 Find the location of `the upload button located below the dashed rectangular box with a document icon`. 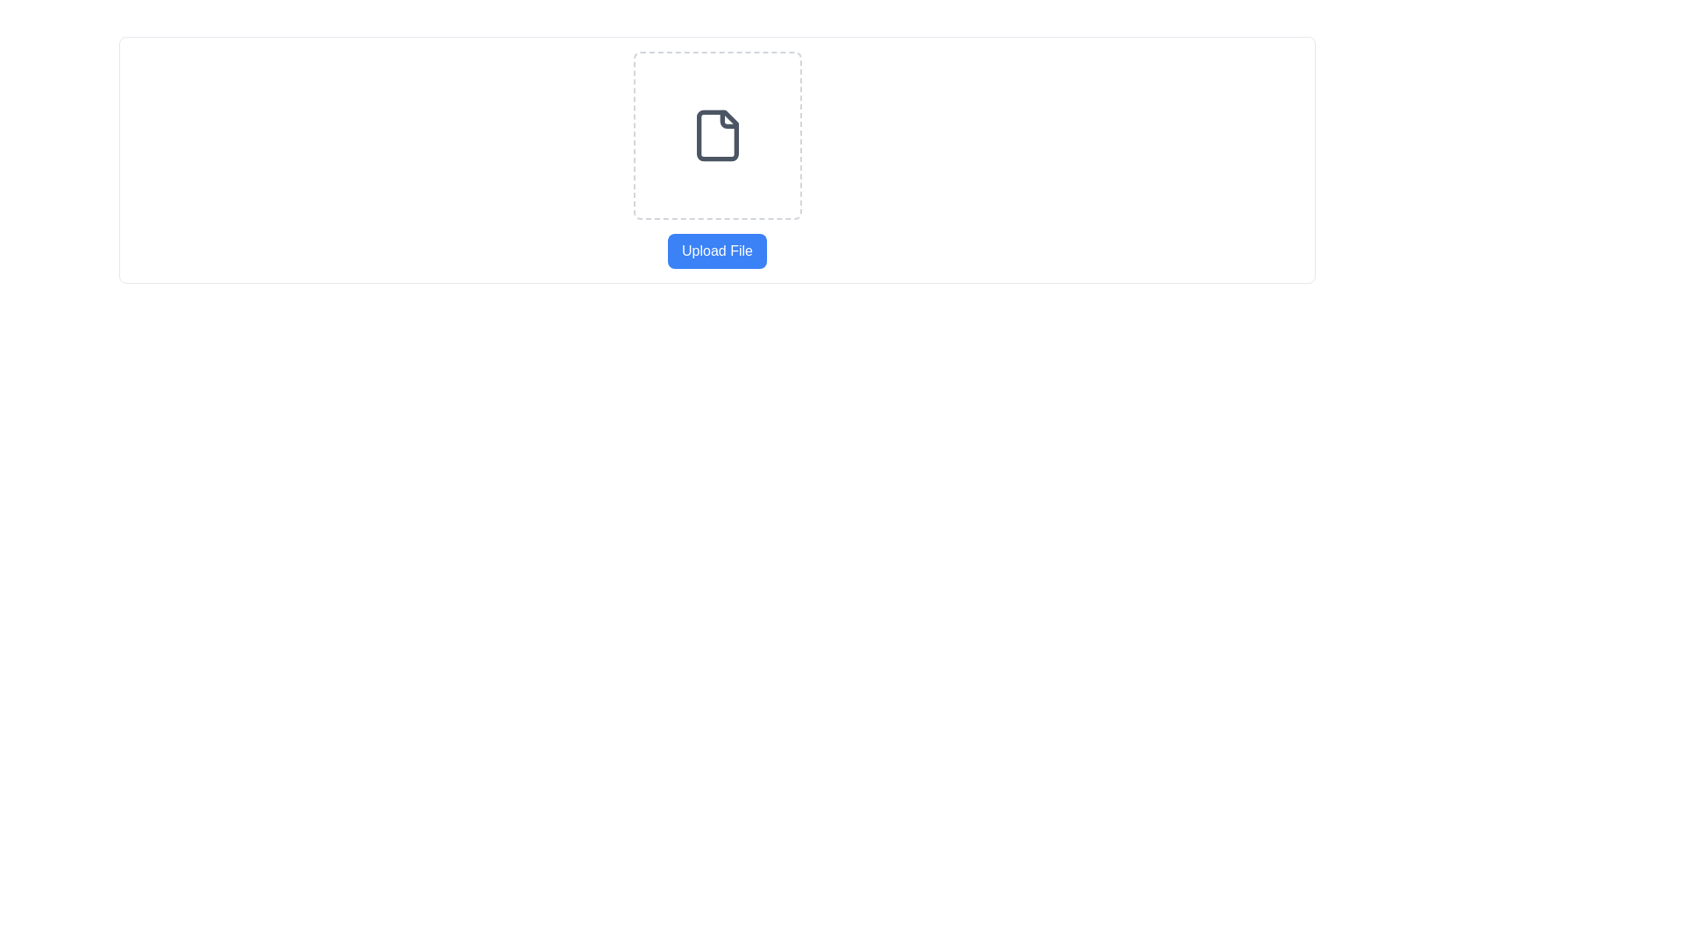

the upload button located below the dashed rectangular box with a document icon is located at coordinates (717, 251).